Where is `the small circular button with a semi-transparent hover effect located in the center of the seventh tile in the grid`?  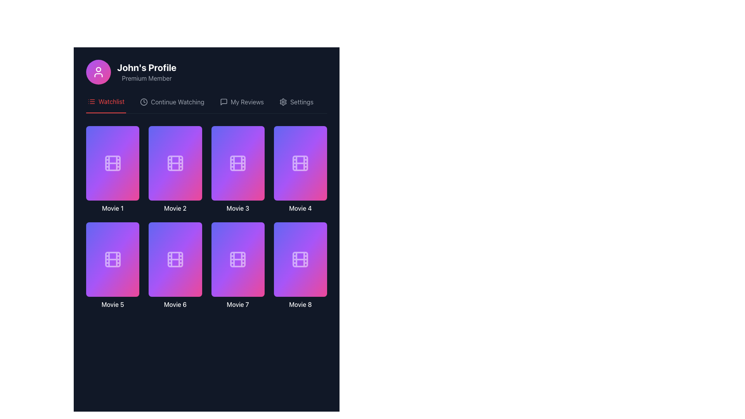 the small circular button with a semi-transparent hover effect located in the center of the seventh tile in the grid is located at coordinates (229, 278).